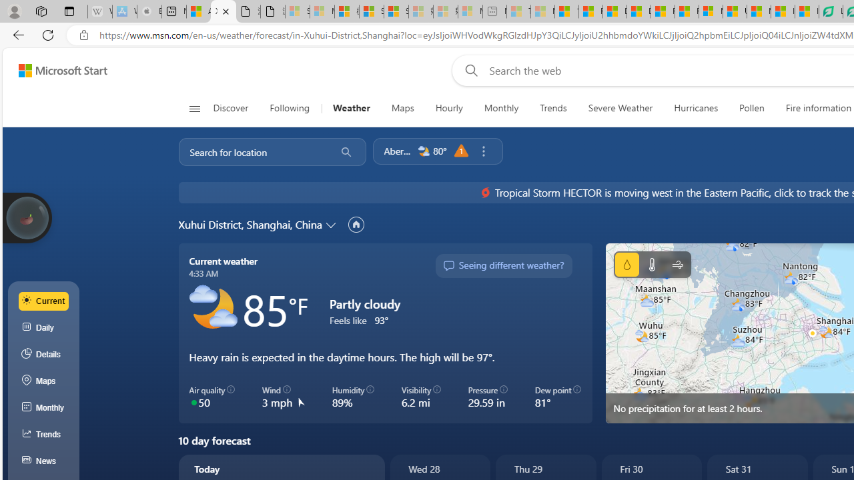  What do you see at coordinates (752, 108) in the screenshot?
I see `'Pollen'` at bounding box center [752, 108].